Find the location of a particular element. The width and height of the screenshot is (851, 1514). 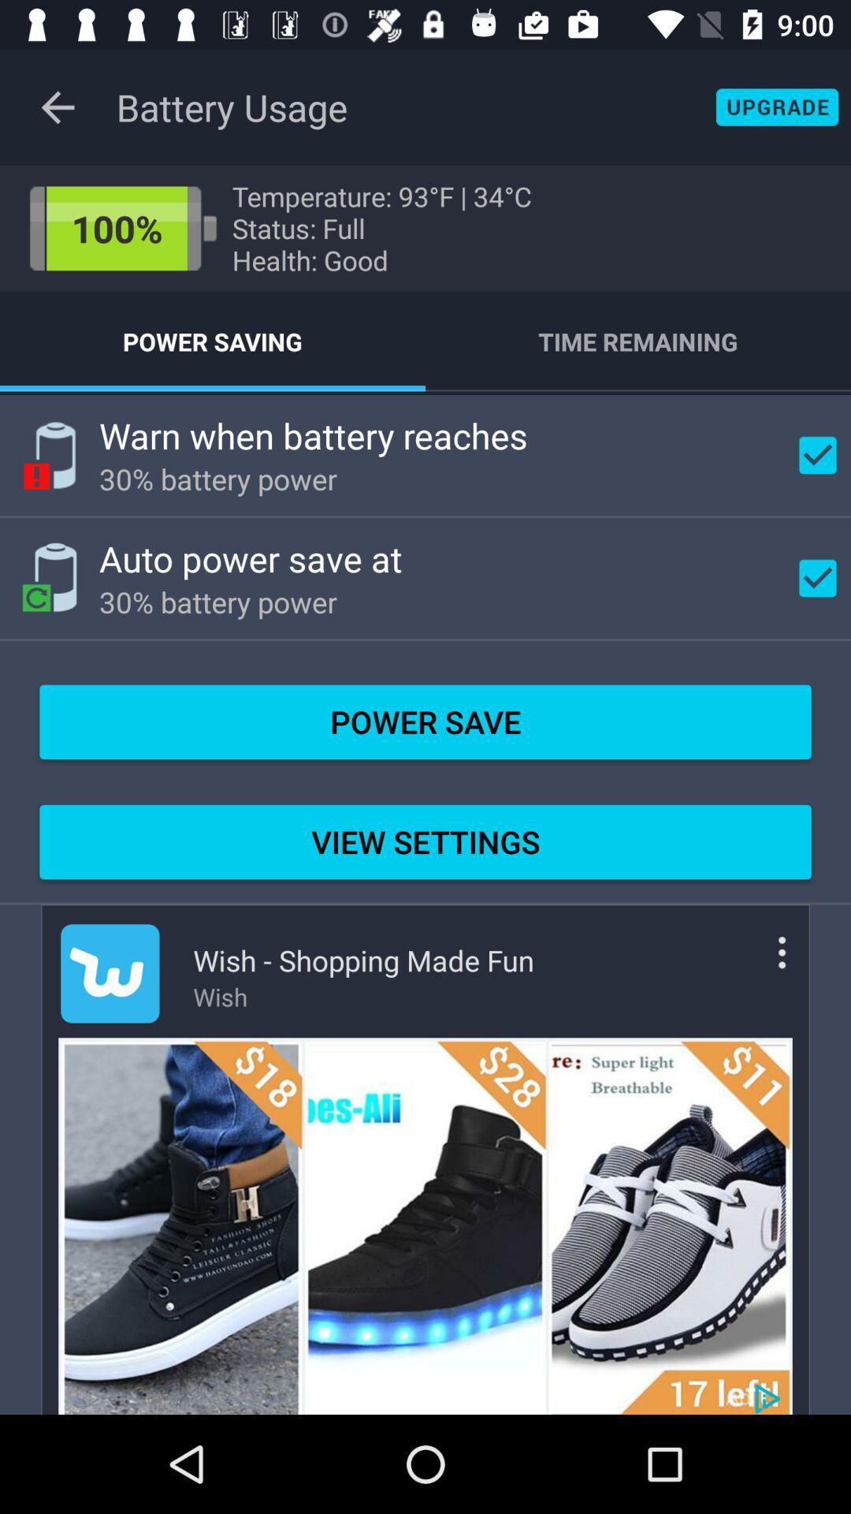

choose logo is located at coordinates (109, 972).